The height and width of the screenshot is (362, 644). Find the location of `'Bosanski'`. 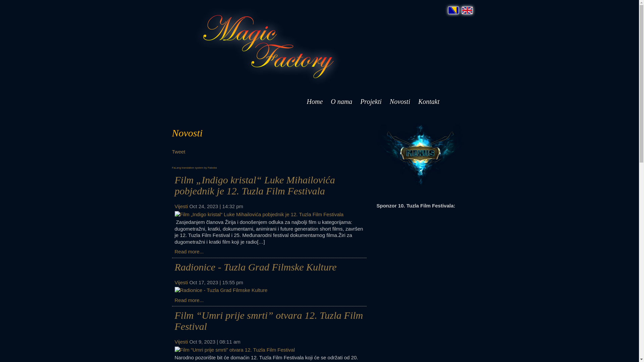

'Bosanski' is located at coordinates (448, 10).